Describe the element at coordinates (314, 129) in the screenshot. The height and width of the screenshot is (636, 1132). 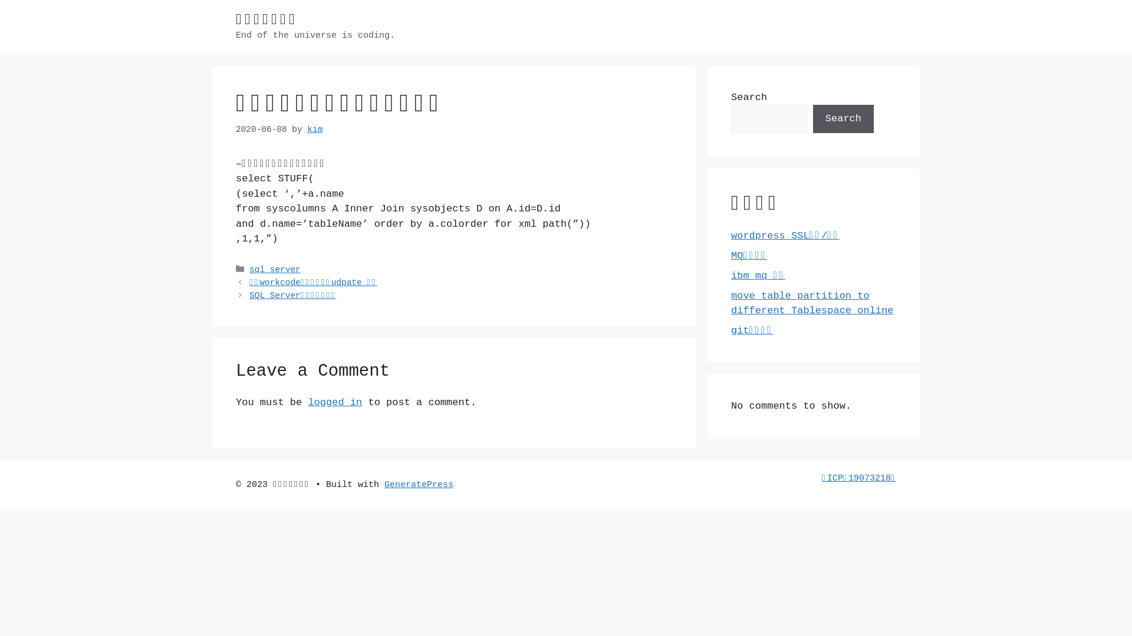
I see `'kim'` at that location.